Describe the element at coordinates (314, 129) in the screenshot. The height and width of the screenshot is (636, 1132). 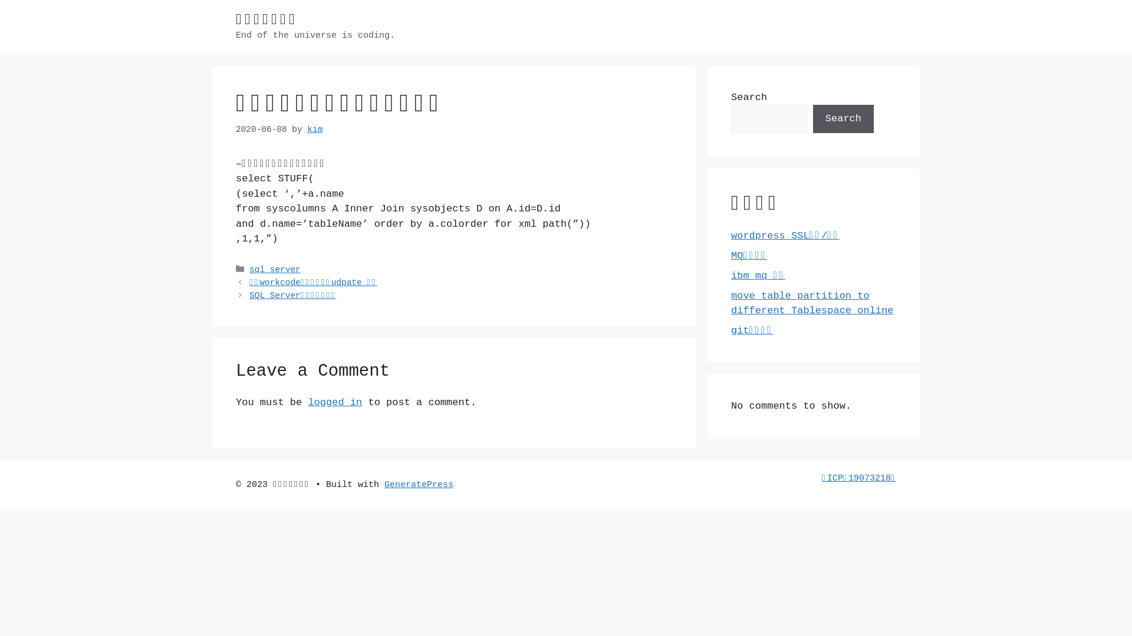
I see `'kim'` at that location.